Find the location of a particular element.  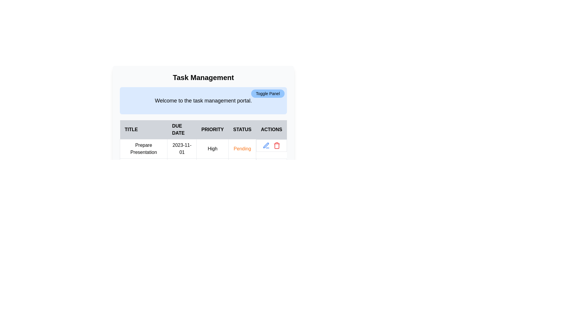

the 'ACTIONS' label, which is the last column header in a table, displayed in bold uppercase black font on a light grey background is located at coordinates (271, 129).